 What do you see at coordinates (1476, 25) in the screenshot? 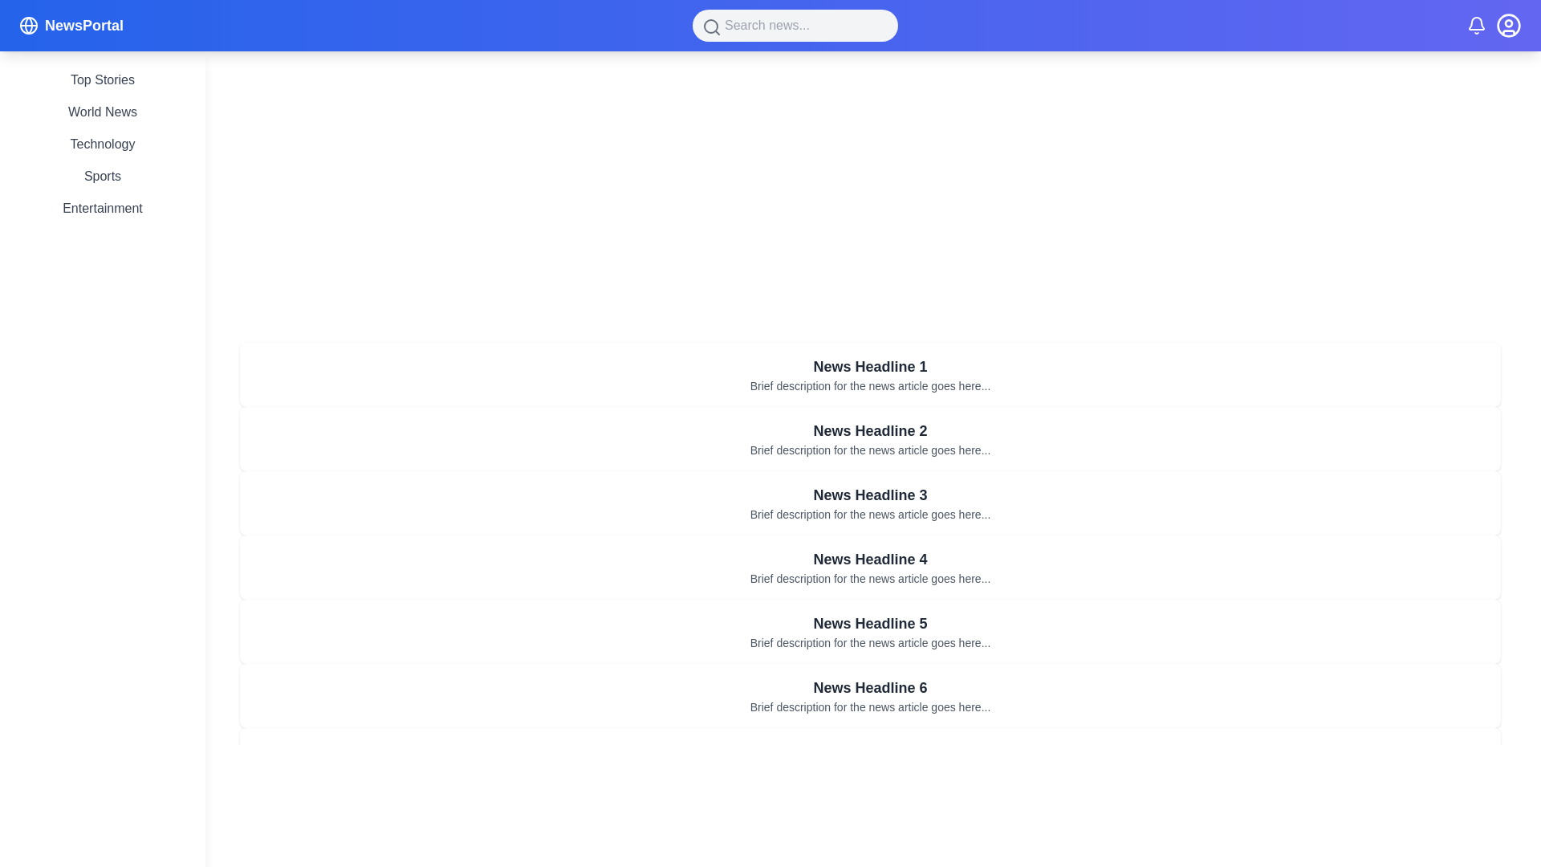
I see `the bell icon representing notifications, which is styled with a line drawing in white on a blue background, located in the top-right corner of the user interface` at bounding box center [1476, 25].